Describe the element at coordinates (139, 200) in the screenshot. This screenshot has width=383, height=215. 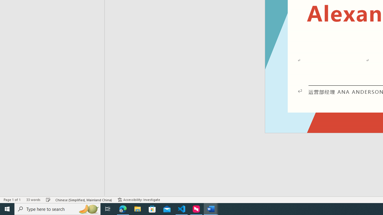
I see `'Accessibility Checker Accessibility: Investigate'` at that location.